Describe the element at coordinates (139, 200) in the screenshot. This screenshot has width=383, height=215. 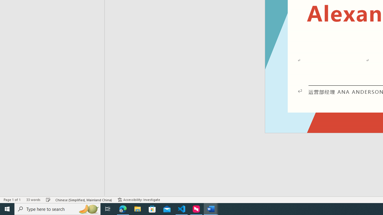
I see `'Accessibility Checker Accessibility: Investigate'` at that location.